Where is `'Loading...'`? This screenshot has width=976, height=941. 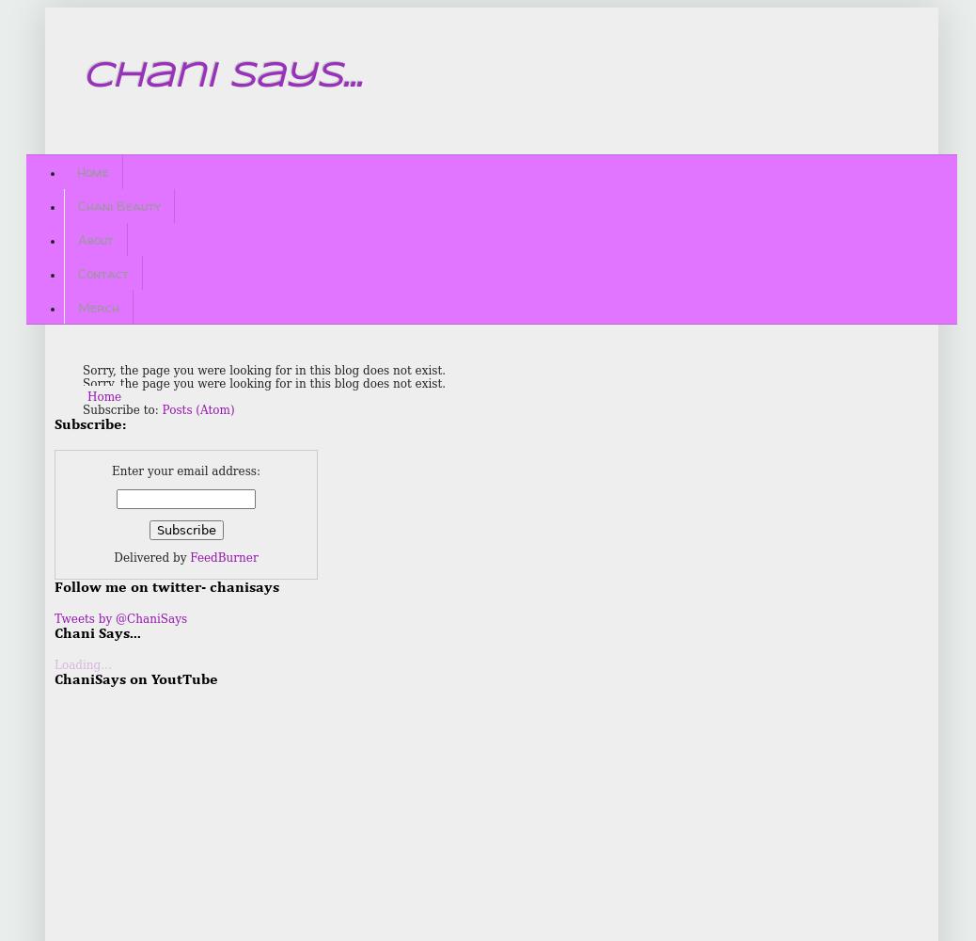
'Loading...' is located at coordinates (82, 663).